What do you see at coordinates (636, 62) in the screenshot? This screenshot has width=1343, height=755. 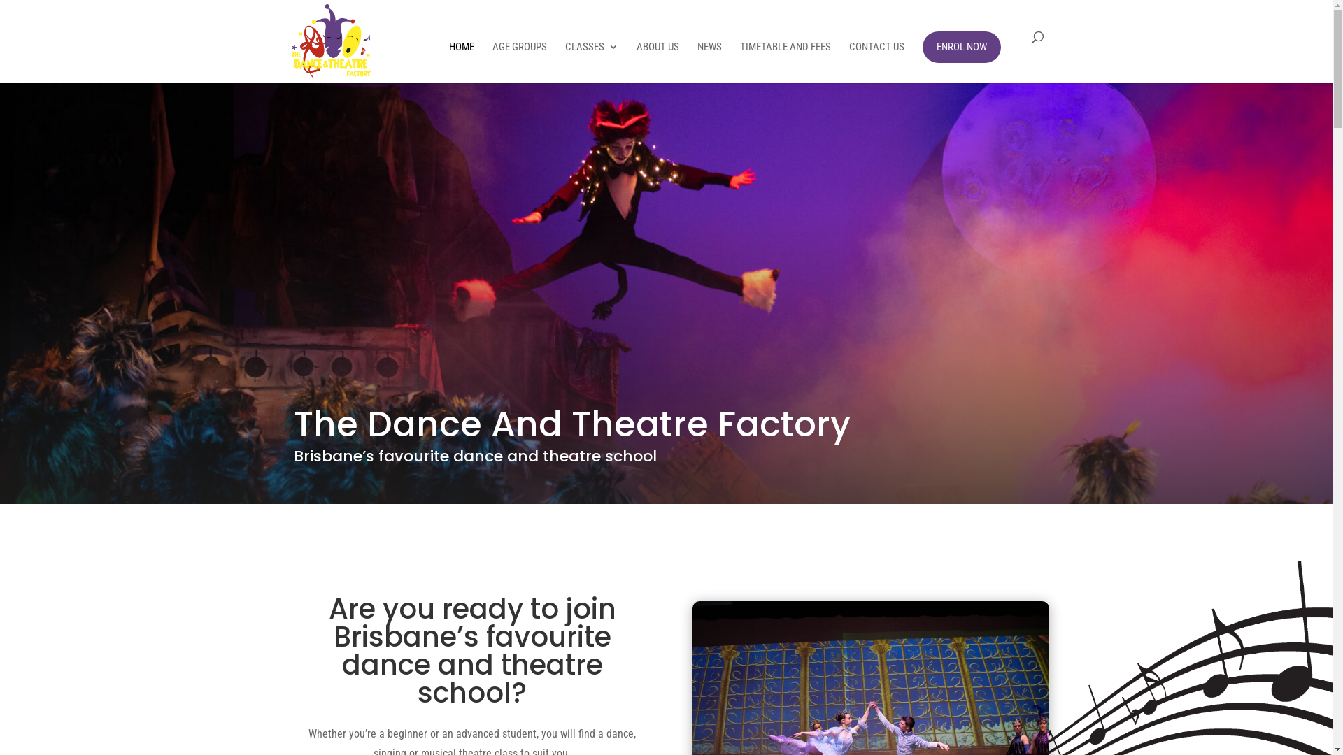 I see `'ABOUT US'` at bounding box center [636, 62].